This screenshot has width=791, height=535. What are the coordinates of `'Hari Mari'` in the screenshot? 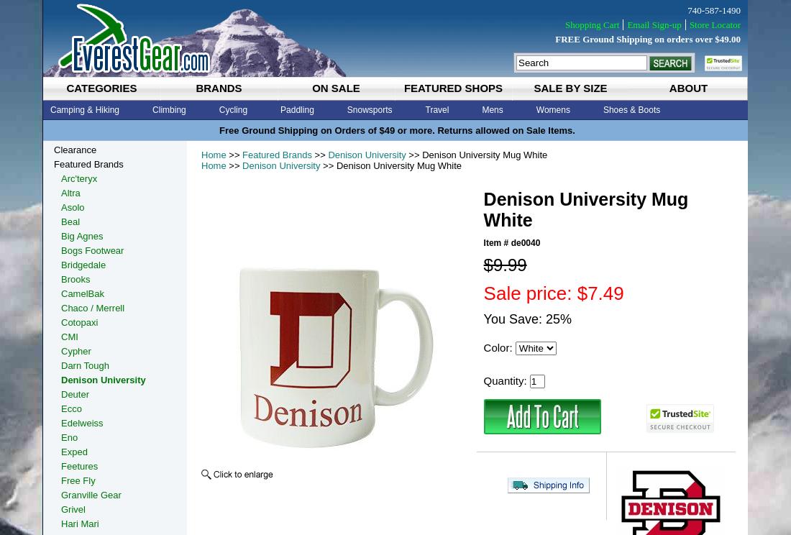 It's located at (79, 523).